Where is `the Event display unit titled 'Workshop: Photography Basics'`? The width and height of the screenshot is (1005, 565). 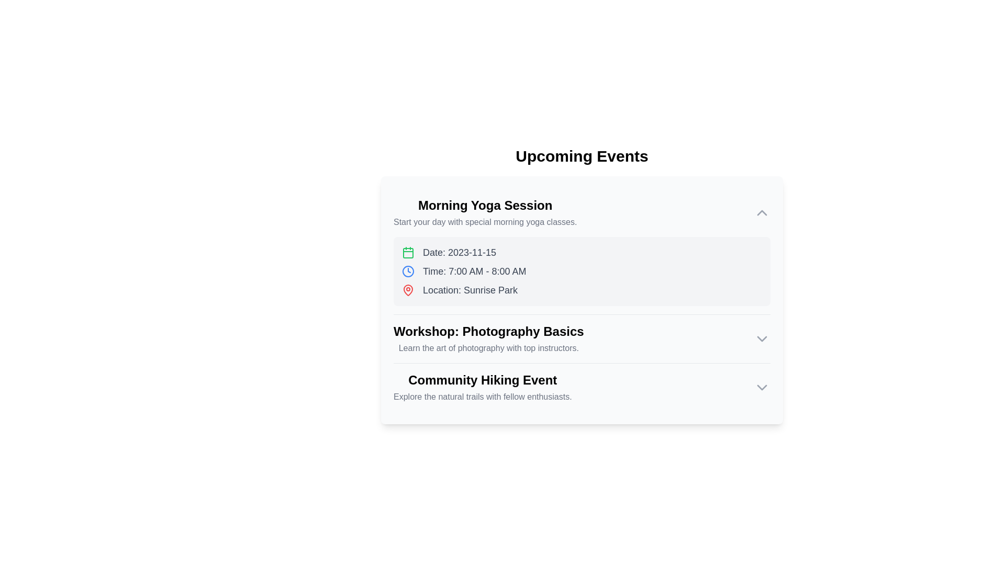
the Event display unit titled 'Workshop: Photography Basics' is located at coordinates (582, 338).